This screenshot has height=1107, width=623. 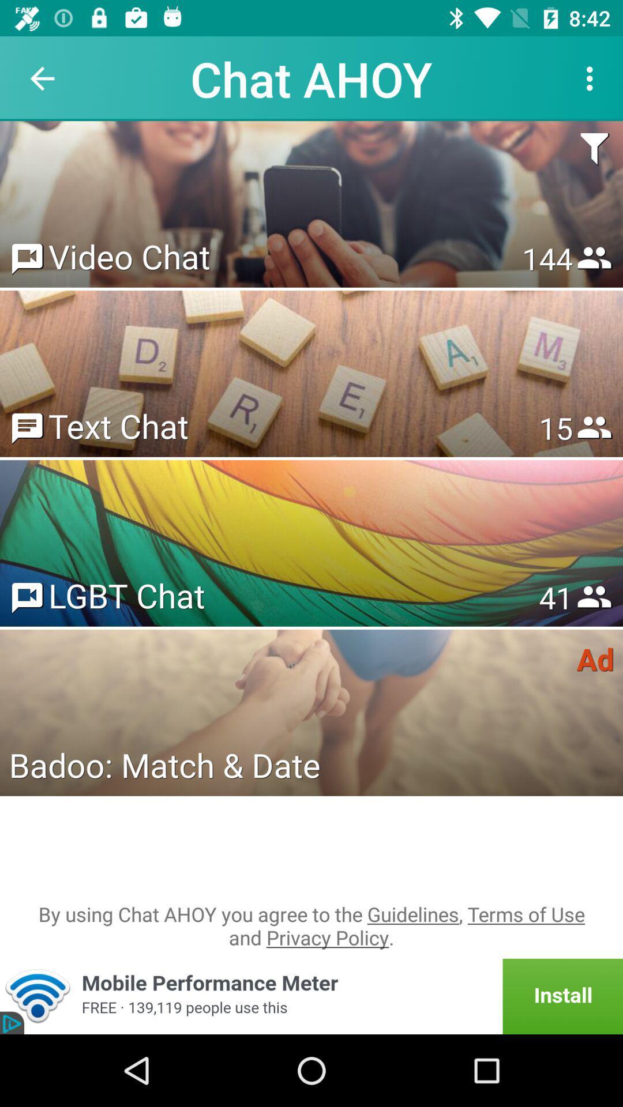 I want to click on icon next to the 153, so click(x=129, y=255).